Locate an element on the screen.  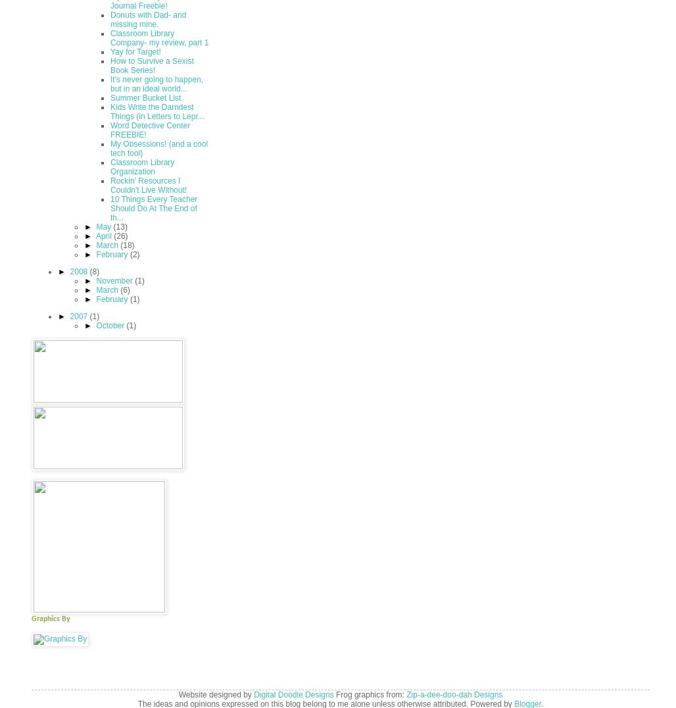
'Graphics By' is located at coordinates (50, 618).